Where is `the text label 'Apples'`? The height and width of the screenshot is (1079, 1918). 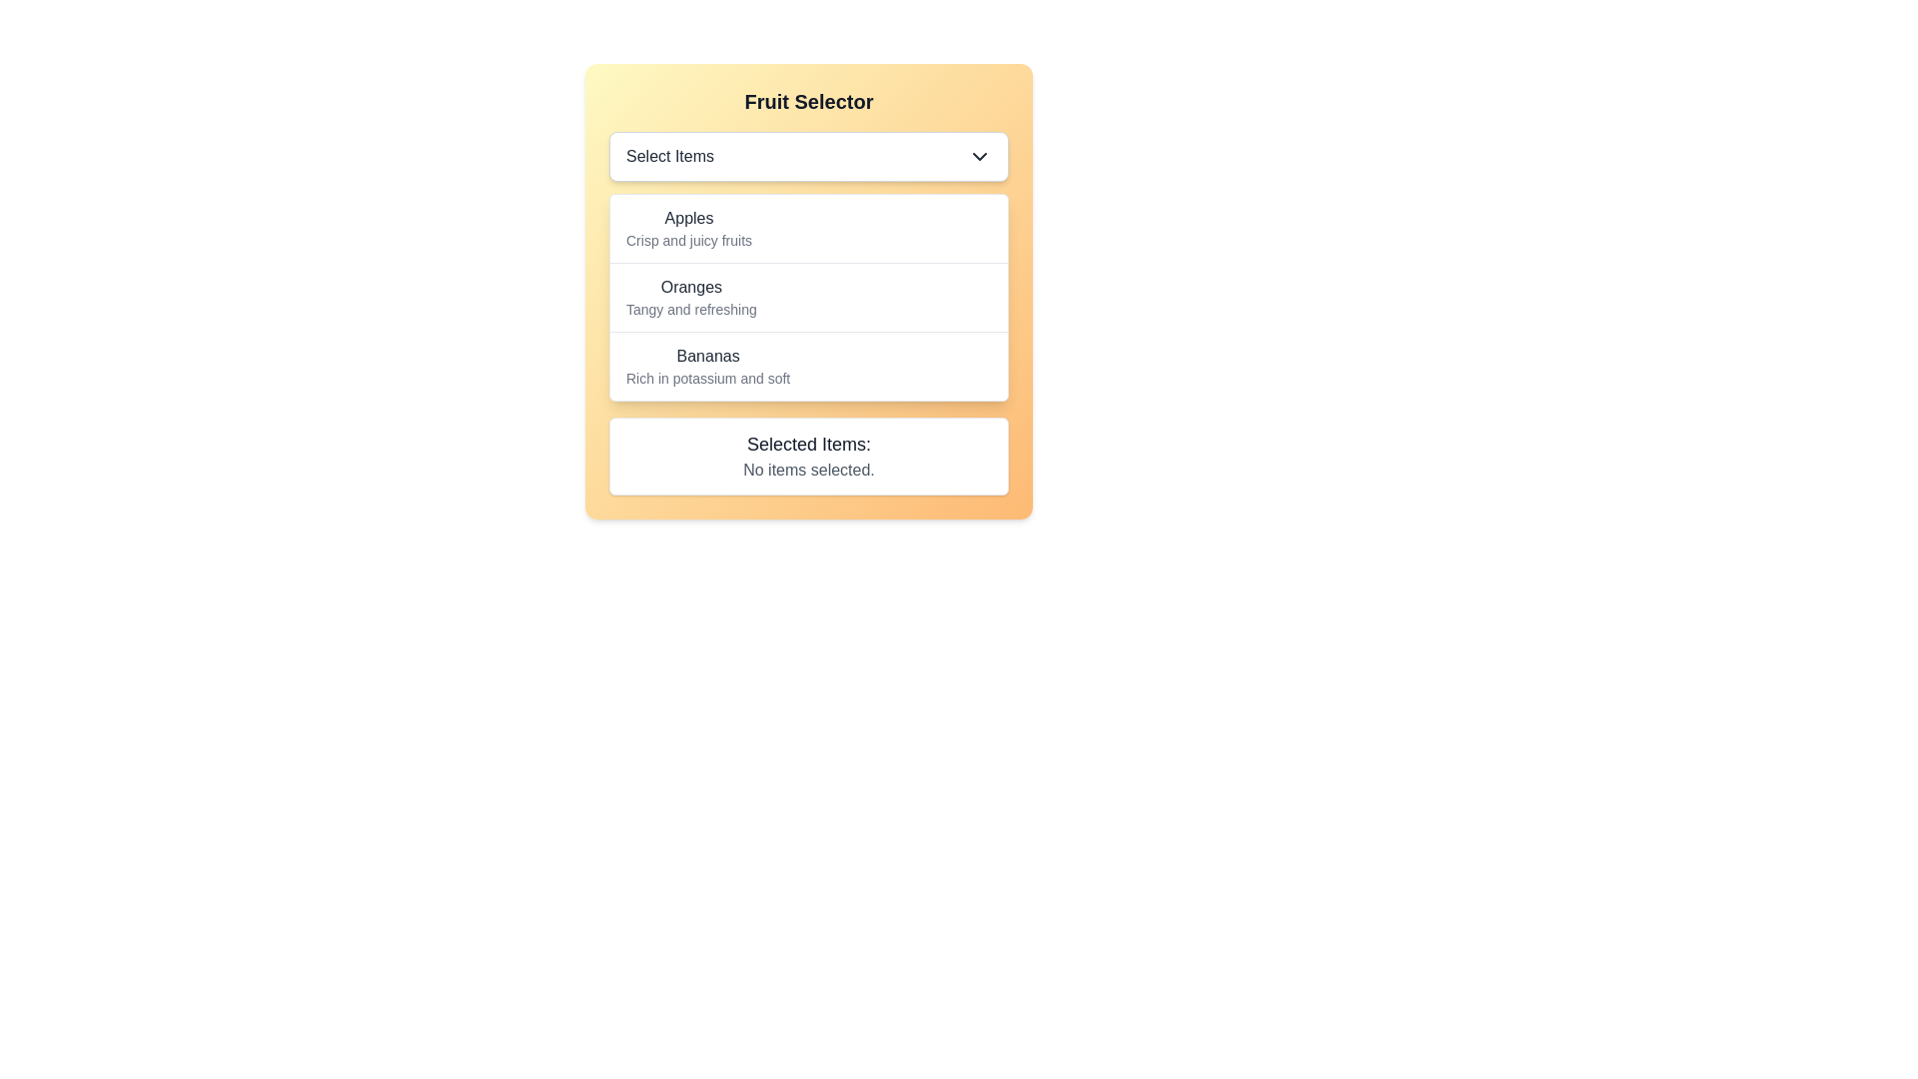
the text label 'Apples' is located at coordinates (689, 219).